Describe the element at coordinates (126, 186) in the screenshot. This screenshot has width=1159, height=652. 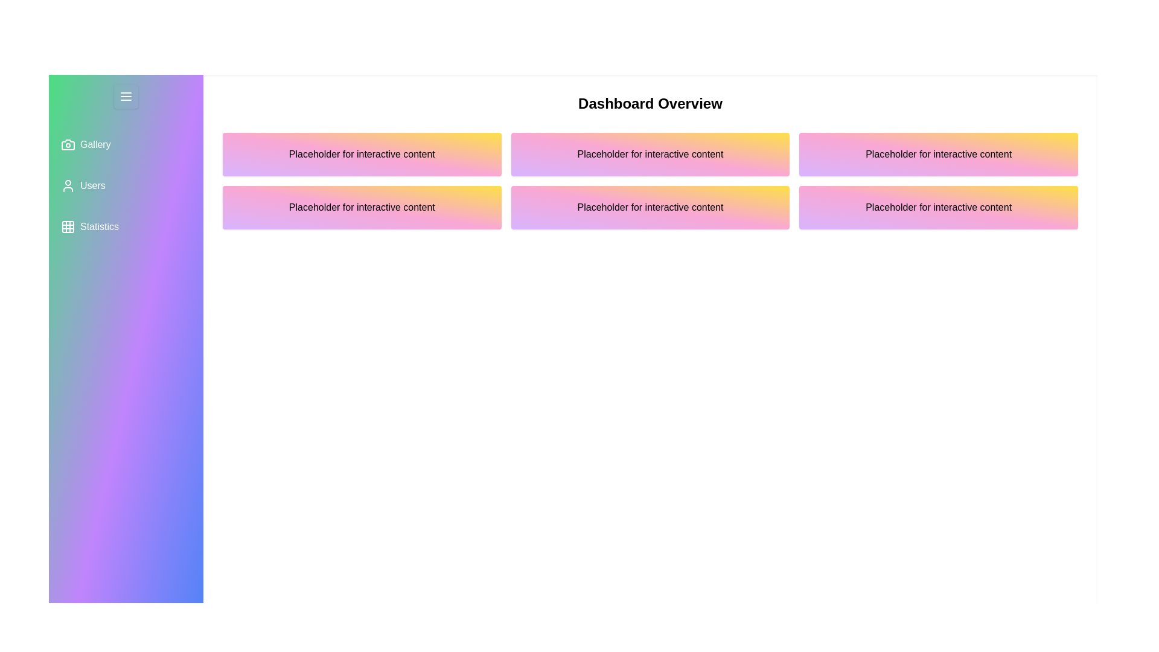
I see `the menu item labeled Users to observe its hover effect` at that location.